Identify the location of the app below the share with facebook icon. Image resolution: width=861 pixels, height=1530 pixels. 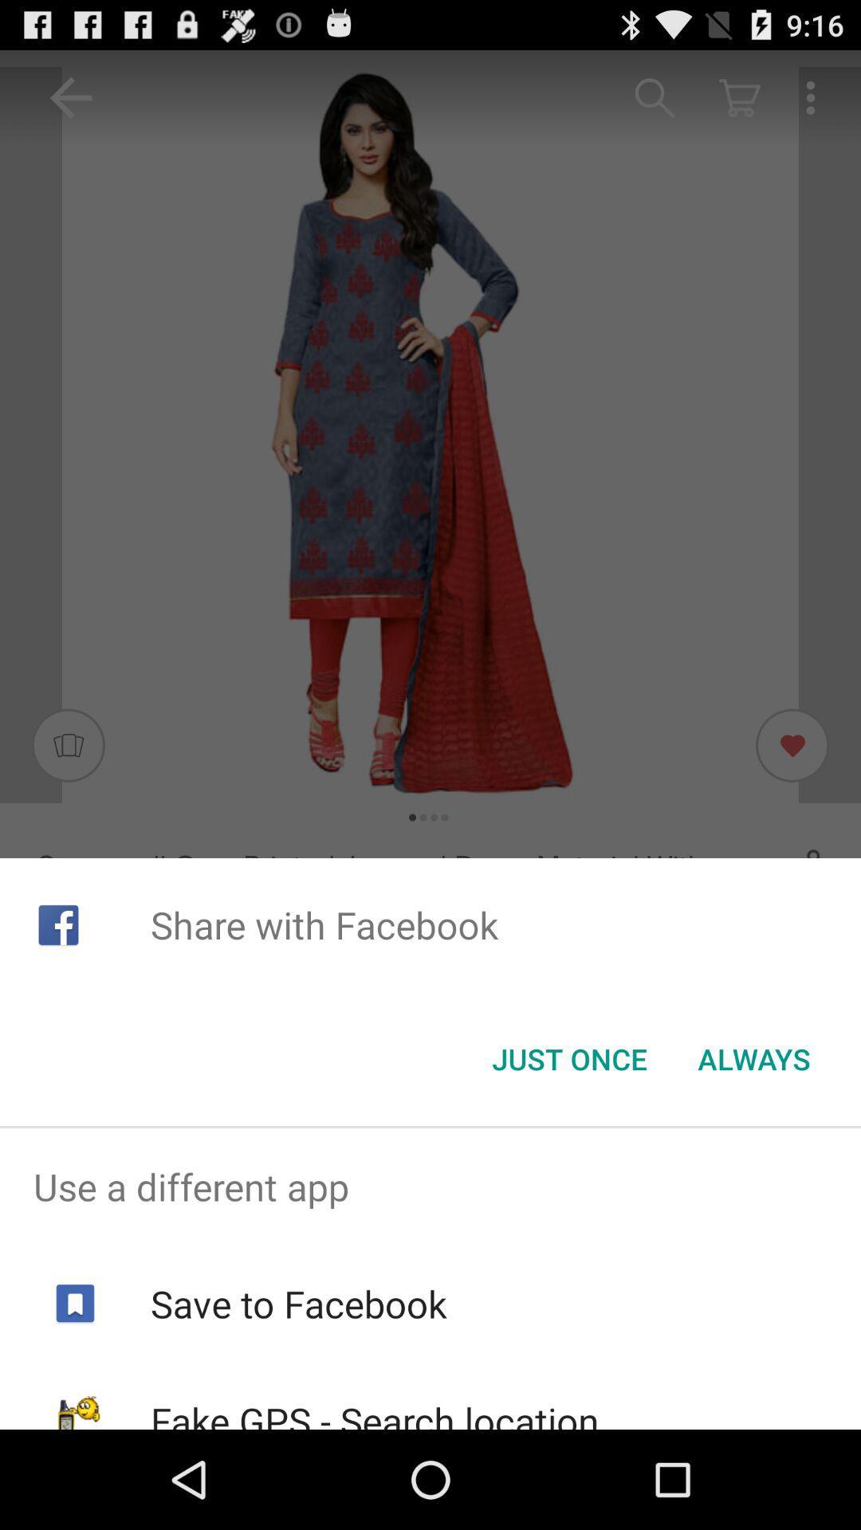
(753, 1059).